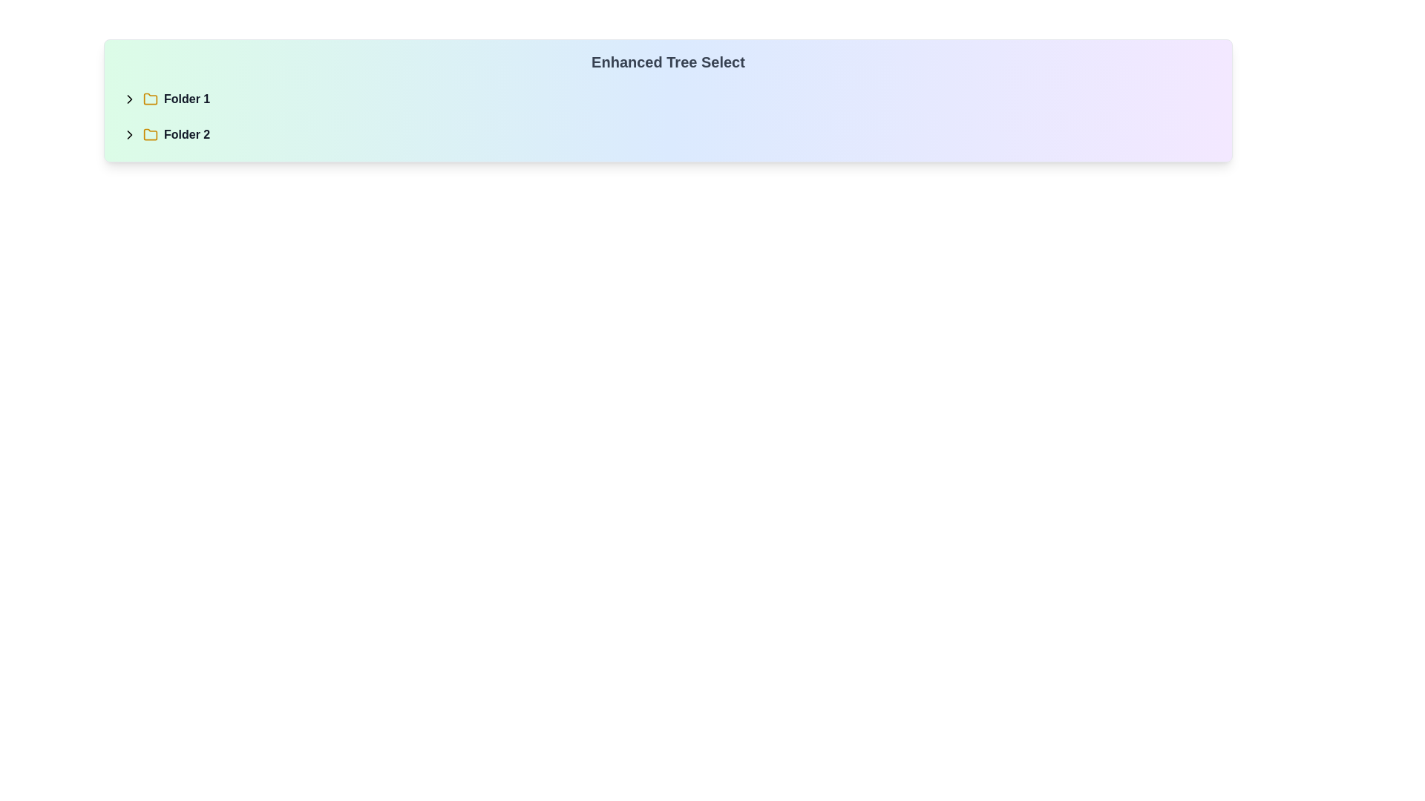 Image resolution: width=1425 pixels, height=801 pixels. What do you see at coordinates (129, 134) in the screenshot?
I see `the right-pointing chevron icon, which is a glyph icon within a square boundary` at bounding box center [129, 134].